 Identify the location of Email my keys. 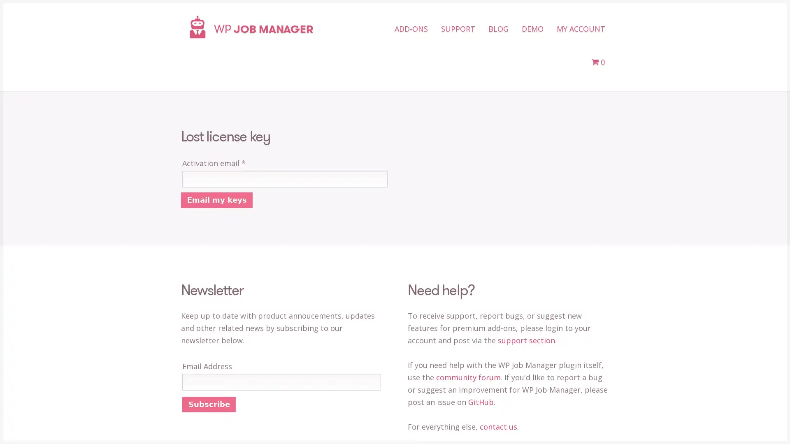
(217, 200).